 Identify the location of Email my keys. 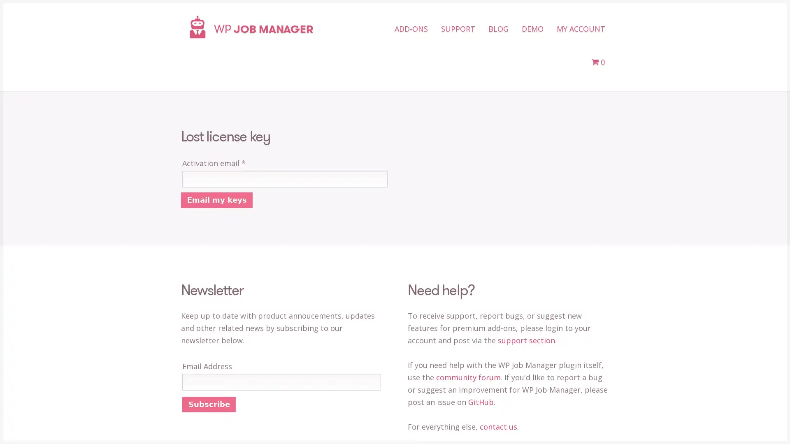
(217, 200).